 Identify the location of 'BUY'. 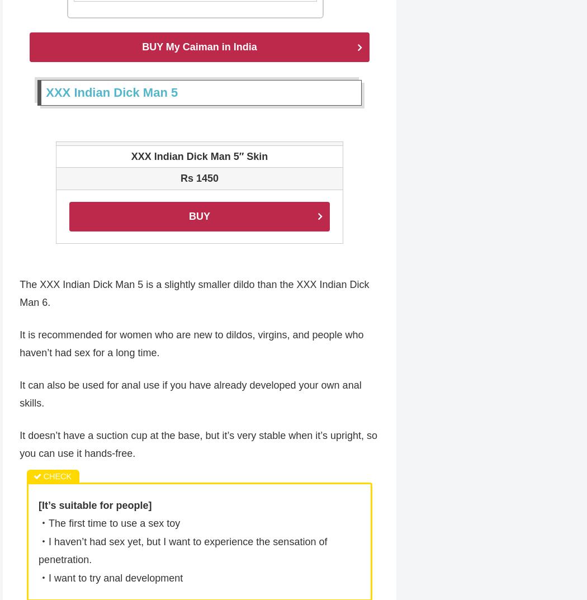
(188, 216).